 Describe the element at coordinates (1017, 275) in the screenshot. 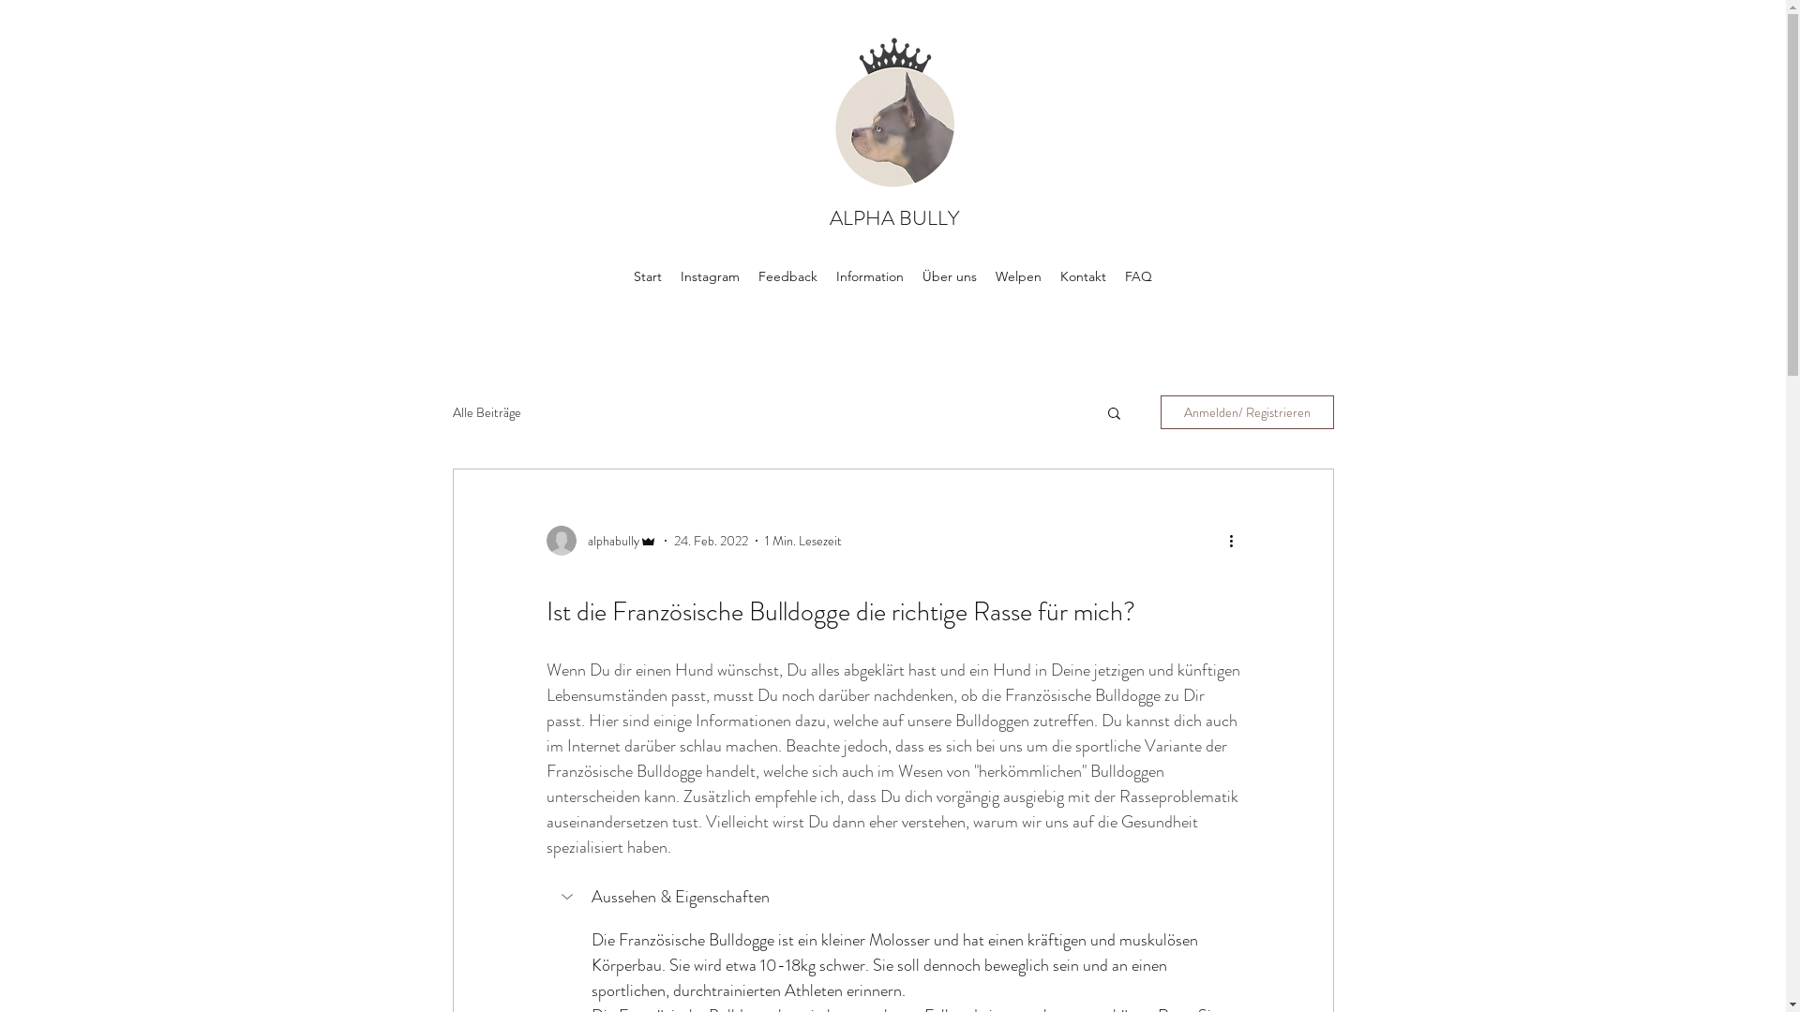

I see `'Welpen'` at that location.